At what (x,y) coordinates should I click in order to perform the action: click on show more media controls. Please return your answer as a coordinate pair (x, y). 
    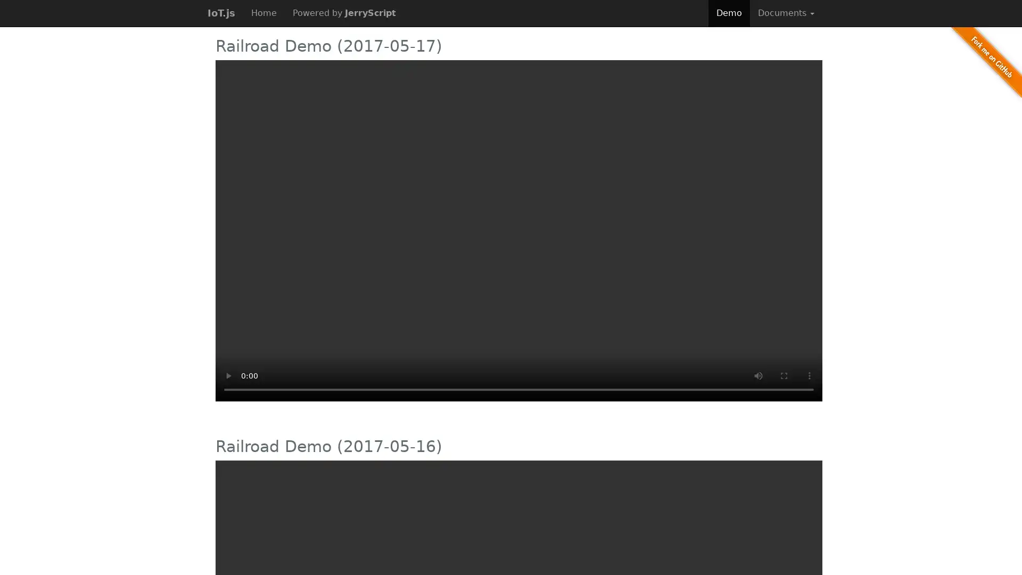
    Looking at the image, I should click on (809, 375).